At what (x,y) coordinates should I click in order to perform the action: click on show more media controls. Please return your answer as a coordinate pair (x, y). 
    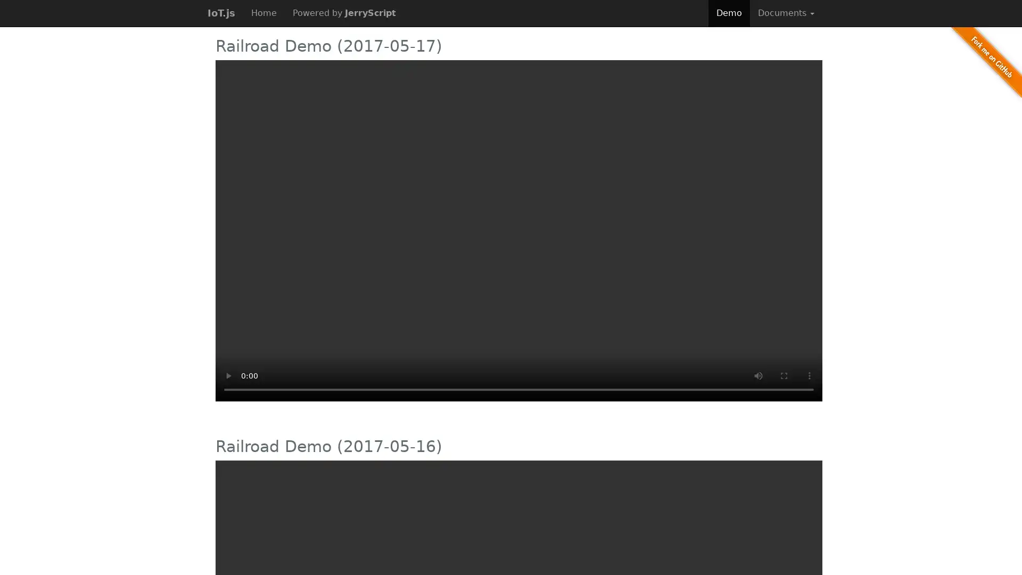
    Looking at the image, I should click on (809, 375).